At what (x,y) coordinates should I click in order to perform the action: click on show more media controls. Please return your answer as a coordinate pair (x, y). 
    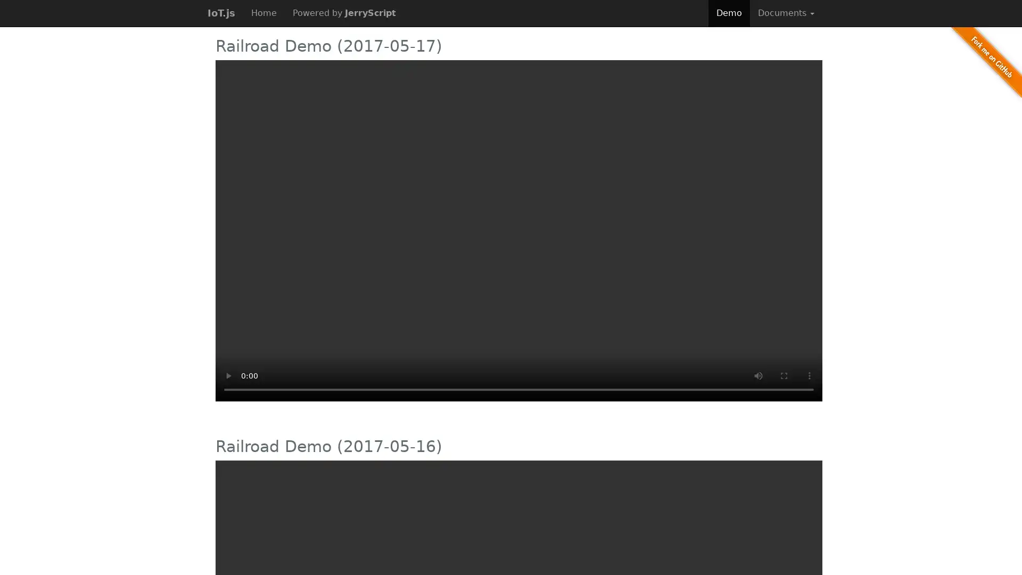
    Looking at the image, I should click on (809, 375).